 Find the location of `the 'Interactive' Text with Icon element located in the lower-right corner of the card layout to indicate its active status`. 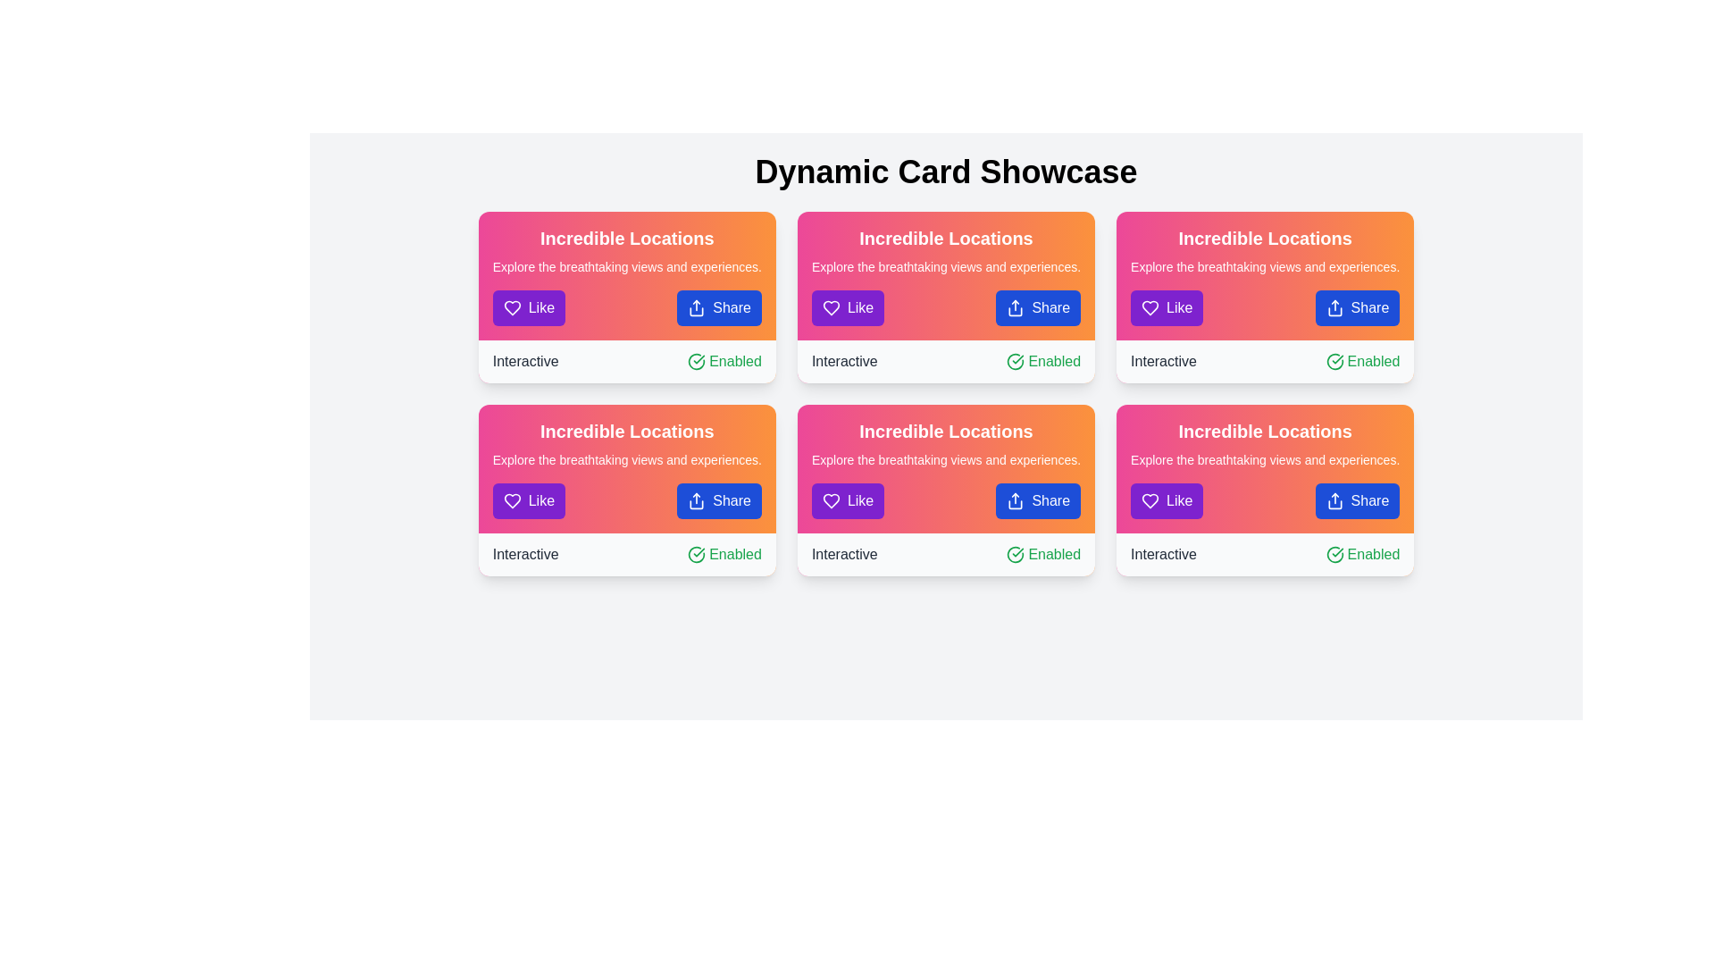

the 'Interactive' Text with Icon element located in the lower-right corner of the card layout to indicate its active status is located at coordinates (724, 362).